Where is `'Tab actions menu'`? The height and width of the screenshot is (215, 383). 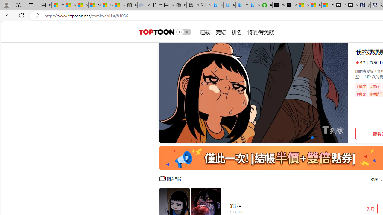
'Tab actions menu' is located at coordinates (31, 5).